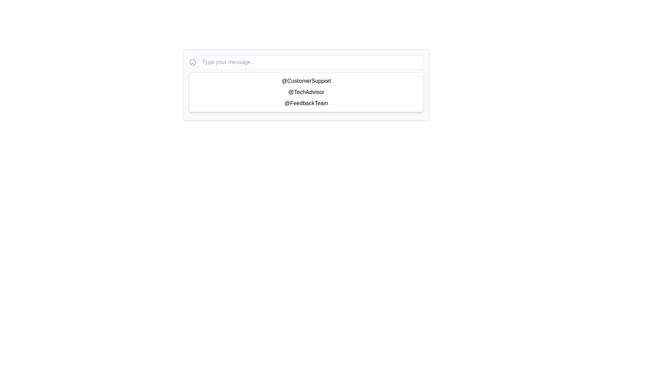 This screenshot has height=376, width=669. I want to click on the label in the vertically-stacked list of selectable labels, which includes @CustomerSupport, @TechAdvisor, and @FeedbackTeam, so click(306, 84).